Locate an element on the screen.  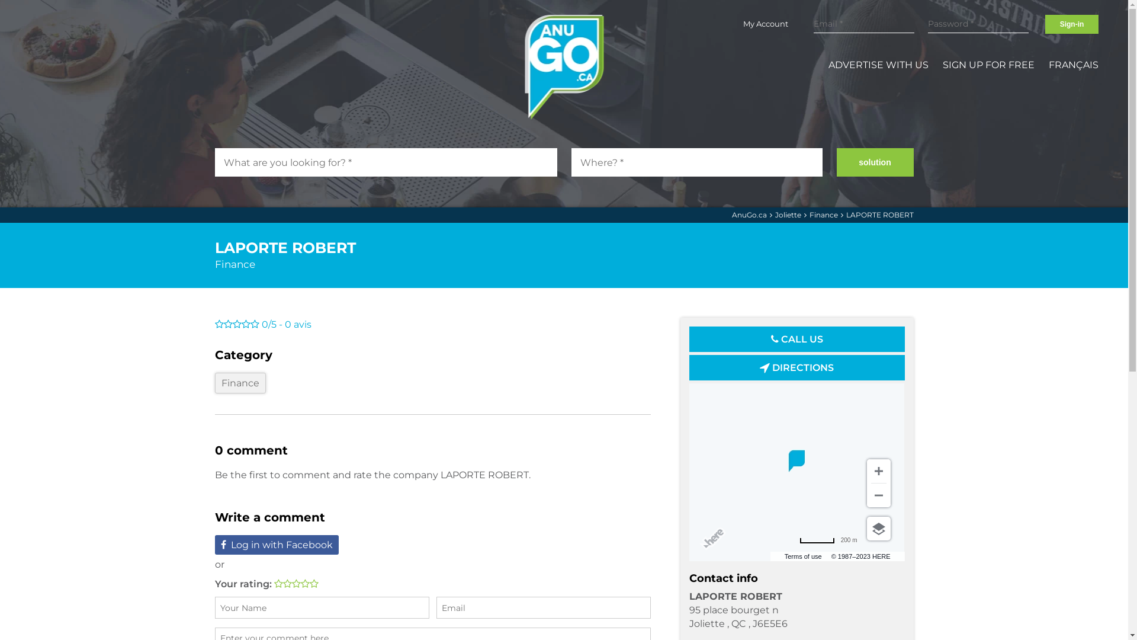
'LAPORTE ROBERT' is located at coordinates (879, 215).